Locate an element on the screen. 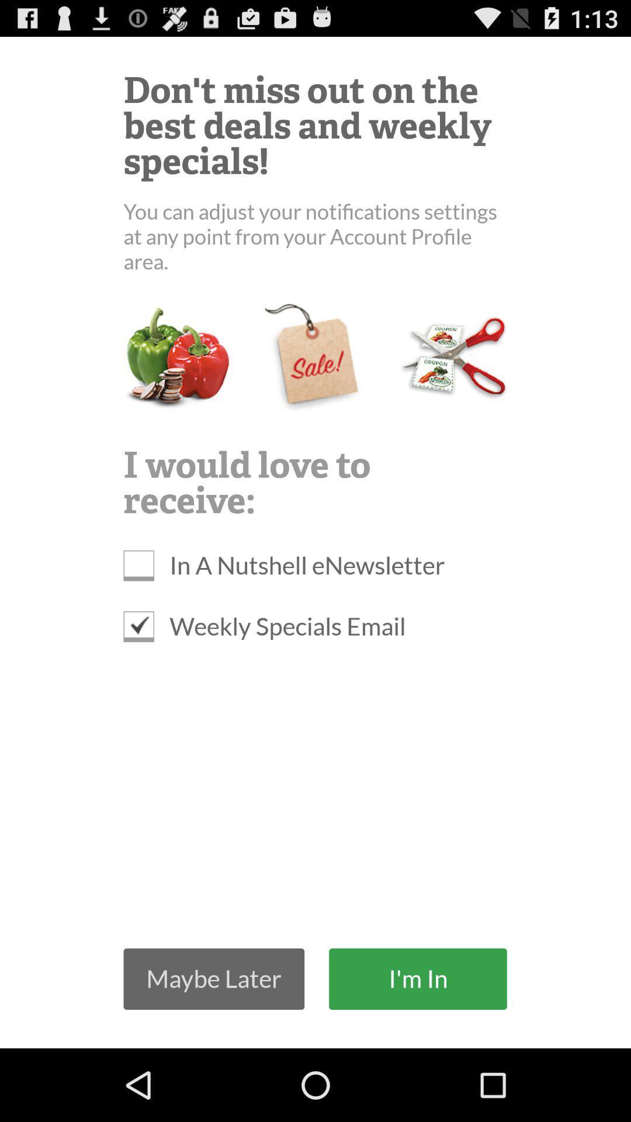 This screenshot has height=1122, width=631. the maybe later button is located at coordinates (214, 979).